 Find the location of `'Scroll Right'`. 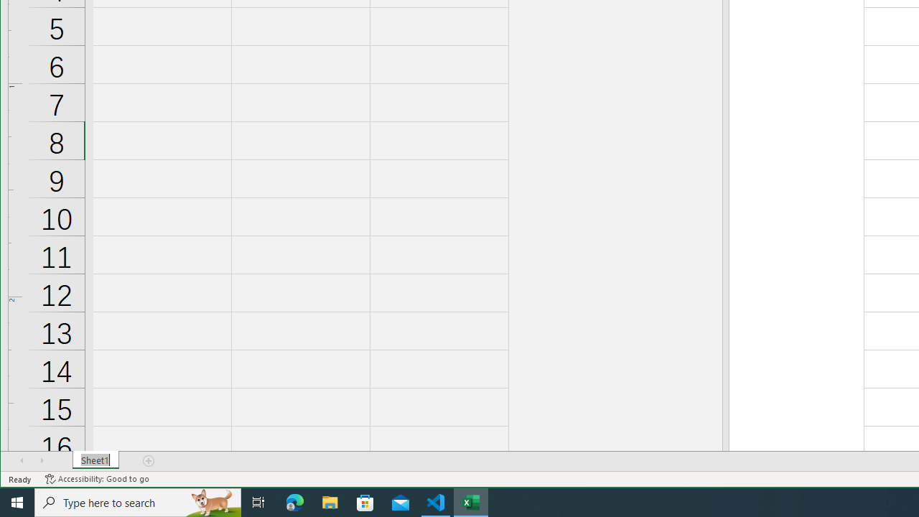

'Scroll Right' is located at coordinates (42, 460).